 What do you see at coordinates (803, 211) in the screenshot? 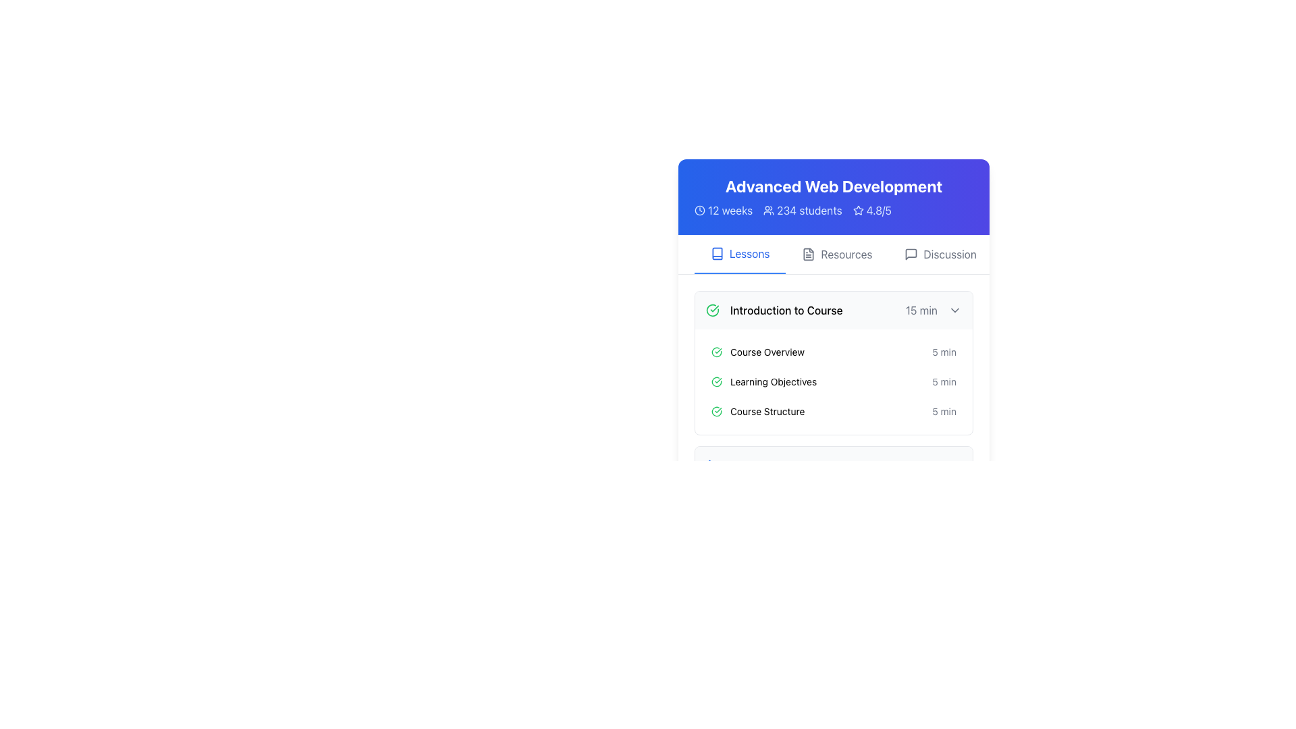
I see `the static text element displaying the number of students enrolled in the course, located between '12 weeks' and '4.8/5'` at bounding box center [803, 211].